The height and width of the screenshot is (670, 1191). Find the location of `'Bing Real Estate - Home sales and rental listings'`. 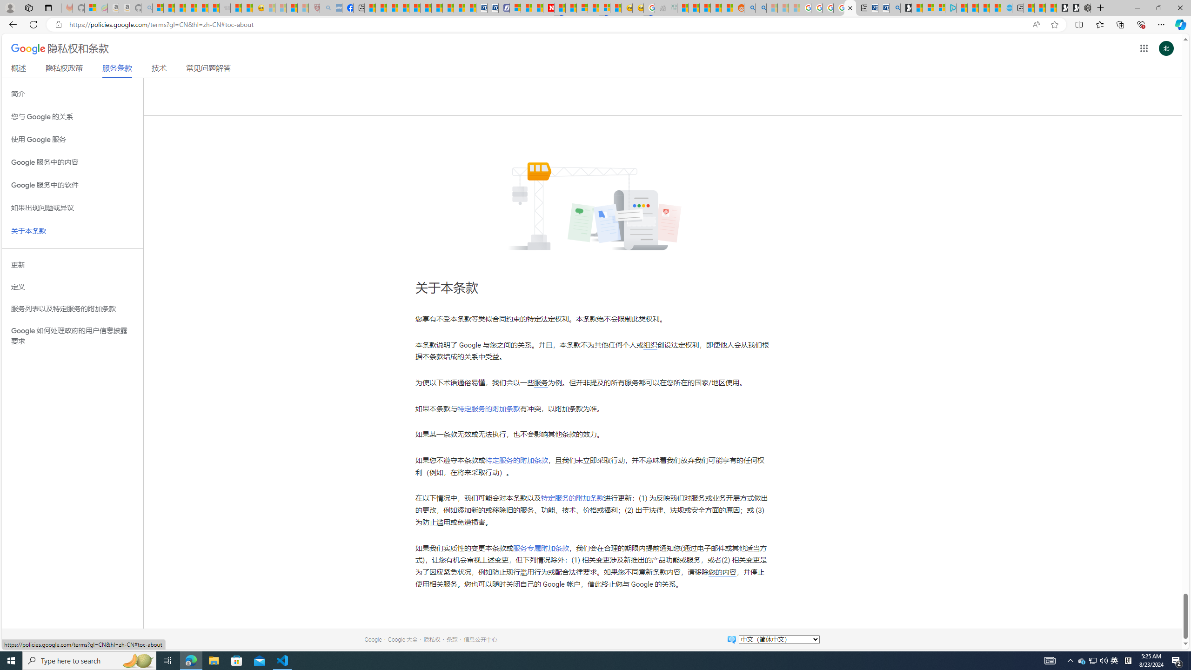

'Bing Real Estate - Home sales and rental listings' is located at coordinates (894, 7).